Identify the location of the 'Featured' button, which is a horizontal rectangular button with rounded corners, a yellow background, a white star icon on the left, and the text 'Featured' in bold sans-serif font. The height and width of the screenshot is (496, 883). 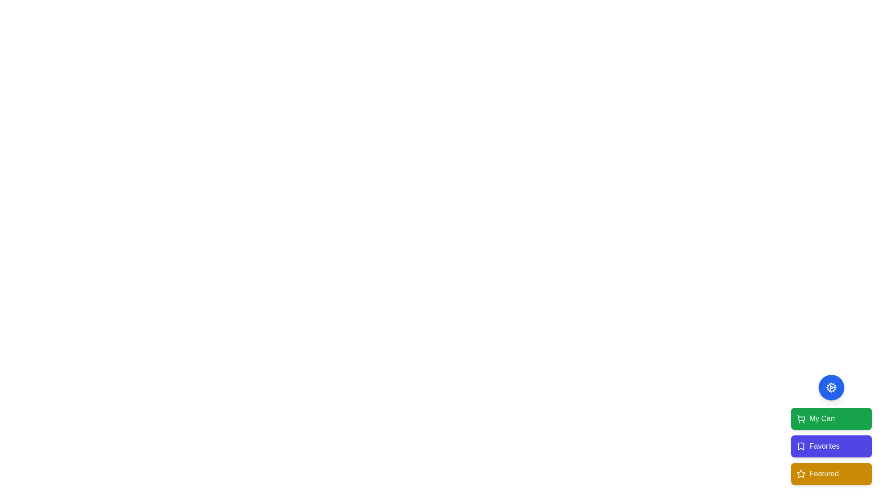
(831, 474).